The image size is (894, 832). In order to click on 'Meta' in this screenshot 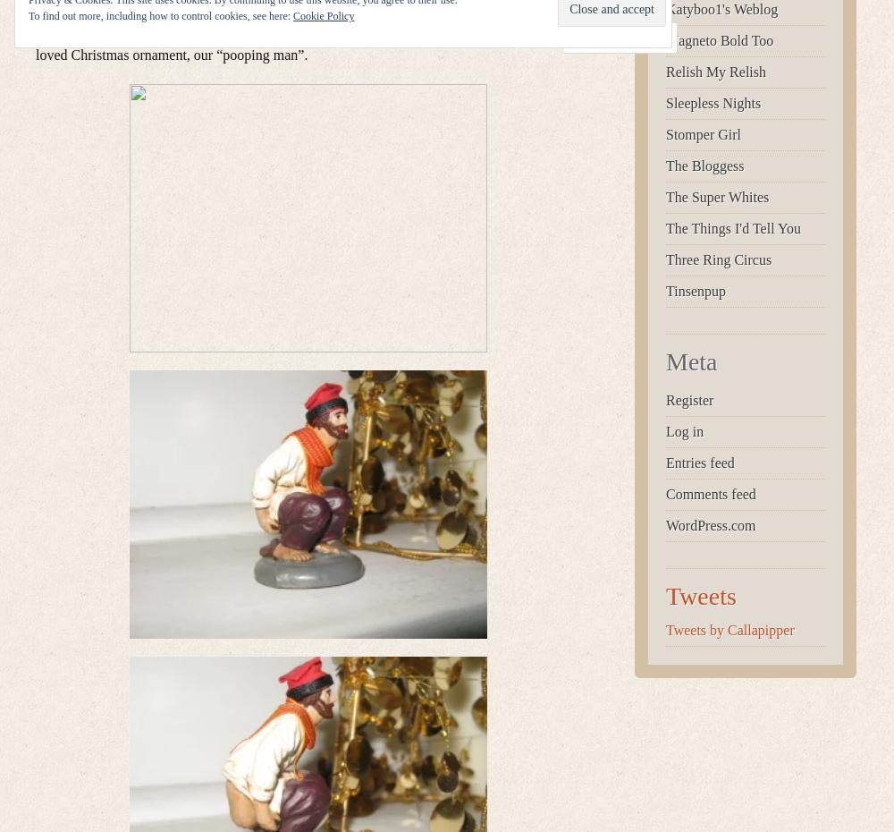, I will do `click(691, 361)`.